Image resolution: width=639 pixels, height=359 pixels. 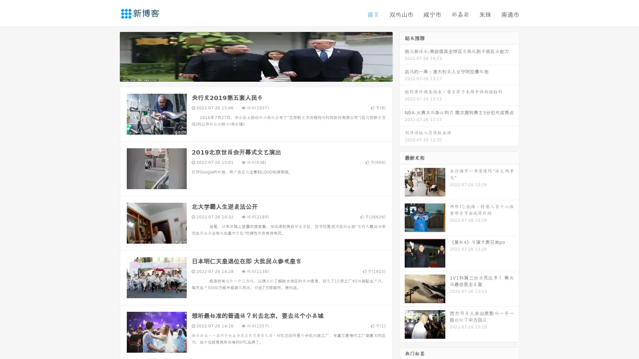 I want to click on Go to slide 3, so click(x=263, y=75).